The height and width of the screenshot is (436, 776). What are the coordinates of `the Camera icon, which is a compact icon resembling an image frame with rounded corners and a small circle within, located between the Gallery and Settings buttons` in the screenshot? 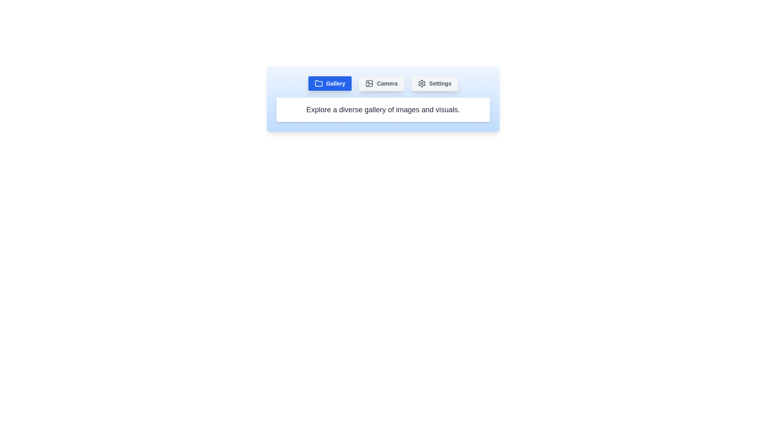 It's located at (369, 84).